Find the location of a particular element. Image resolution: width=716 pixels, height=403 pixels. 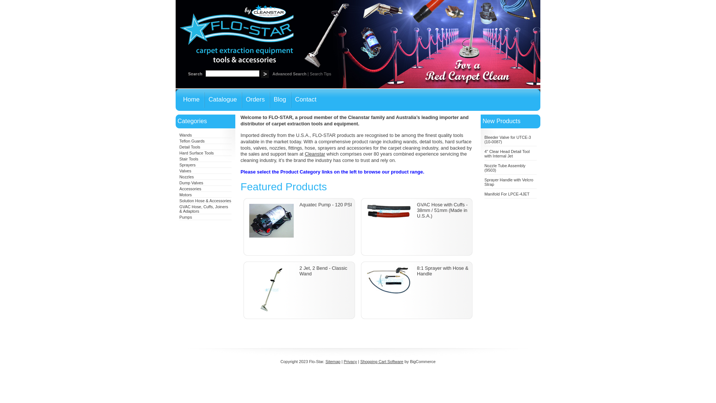

'Sprayers' is located at coordinates (188, 165).